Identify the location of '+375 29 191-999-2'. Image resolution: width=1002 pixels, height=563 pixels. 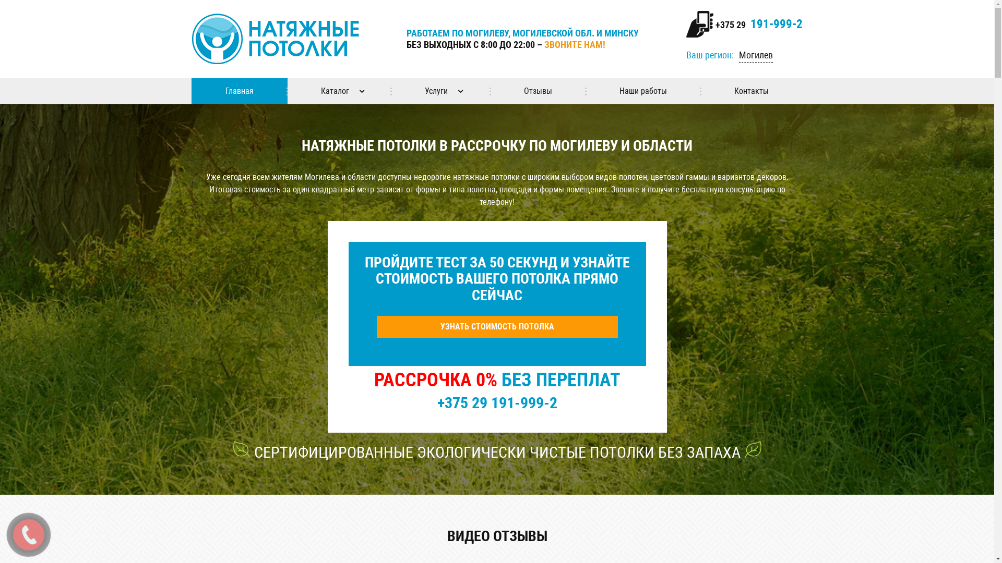
(757, 24).